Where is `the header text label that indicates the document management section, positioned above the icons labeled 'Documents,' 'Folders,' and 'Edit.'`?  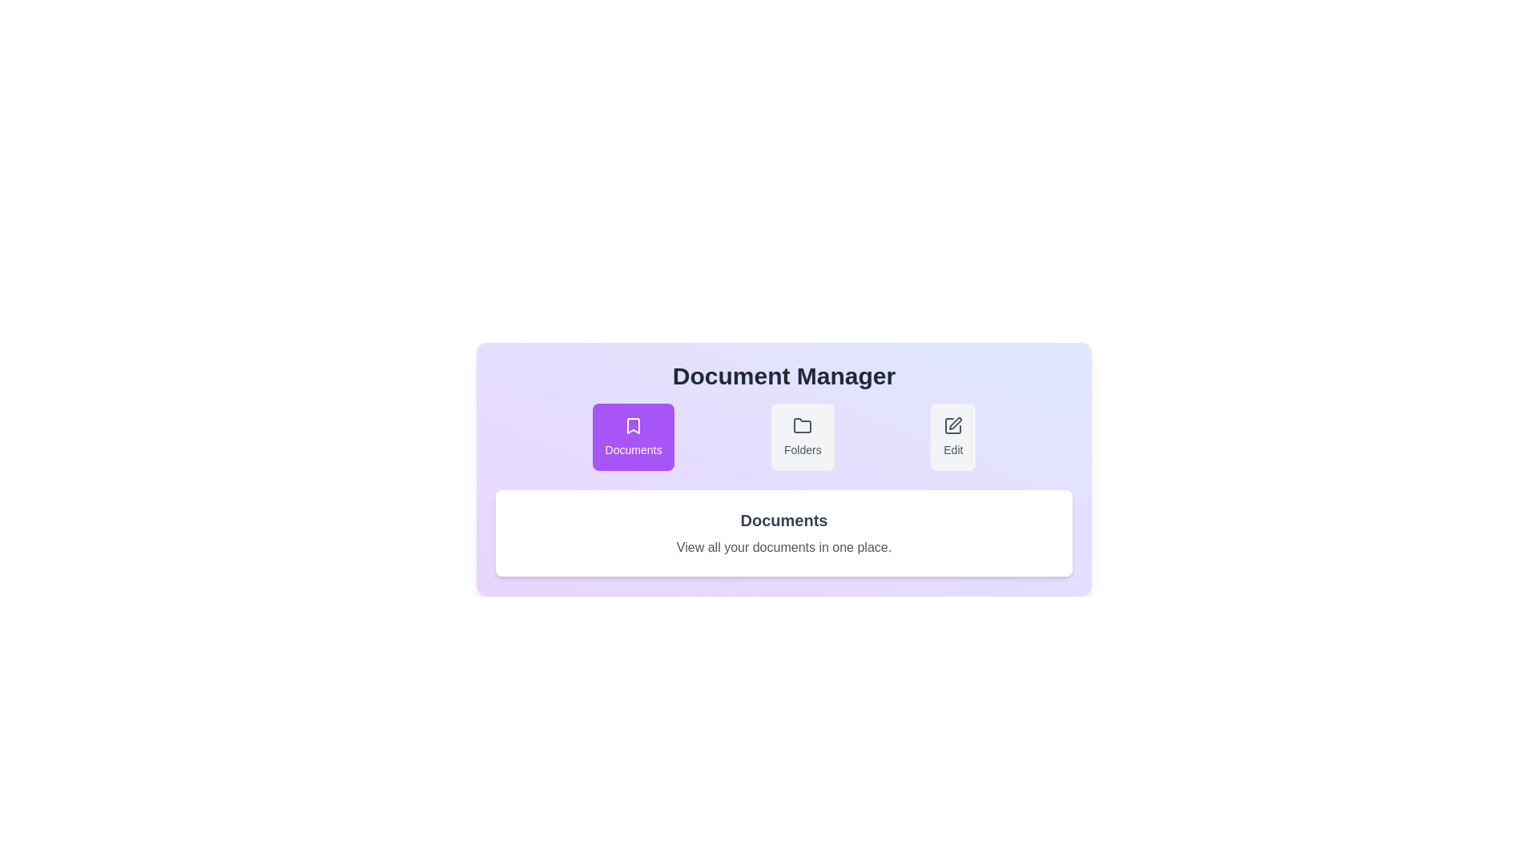
the header text label that indicates the document management section, positioned above the icons labeled 'Documents,' 'Folders,' and 'Edit.' is located at coordinates (784, 376).